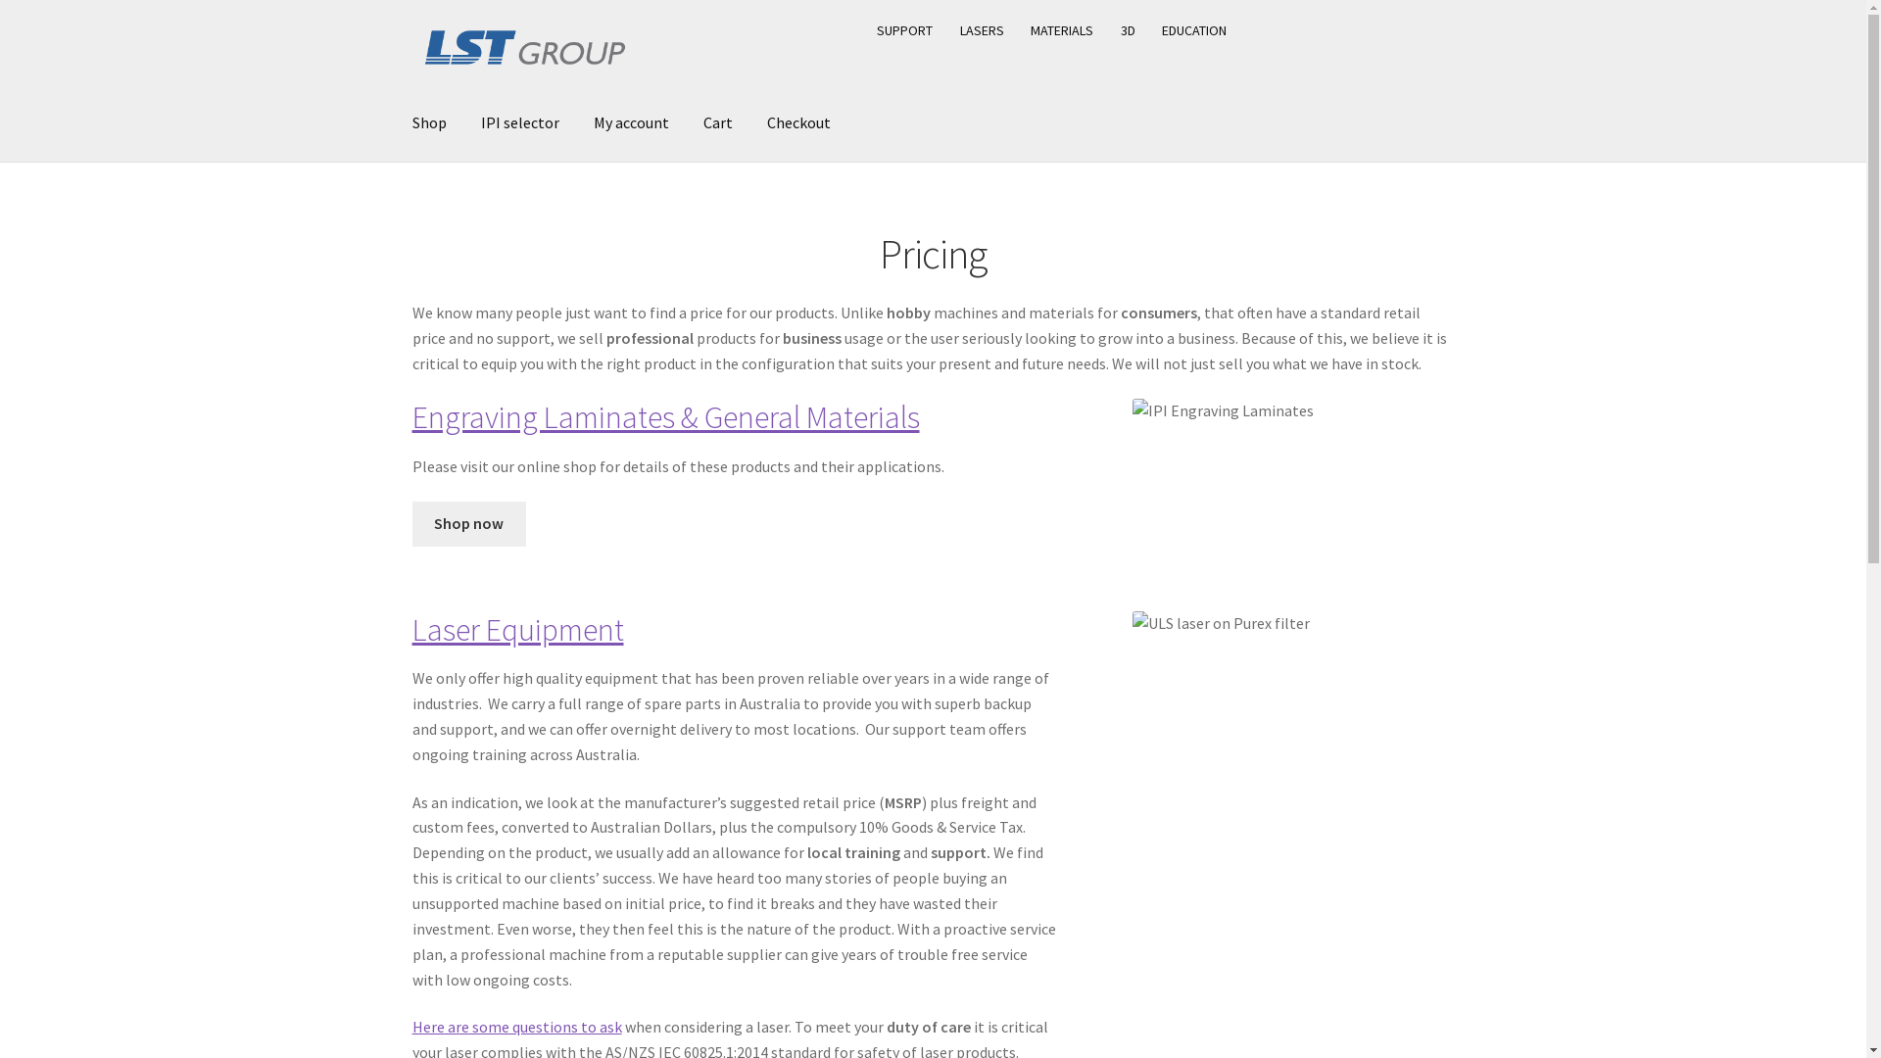 This screenshot has width=1881, height=1058. Describe the element at coordinates (410, 9) in the screenshot. I see `'Skip to navigation'` at that location.